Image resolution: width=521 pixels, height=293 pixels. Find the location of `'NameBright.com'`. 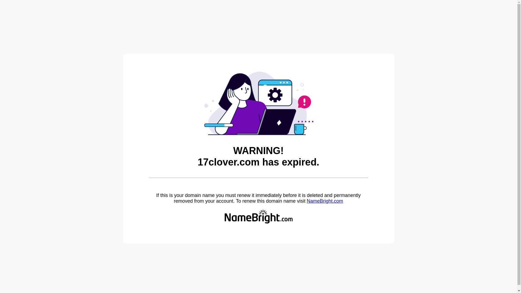

'NameBright.com' is located at coordinates (325, 201).